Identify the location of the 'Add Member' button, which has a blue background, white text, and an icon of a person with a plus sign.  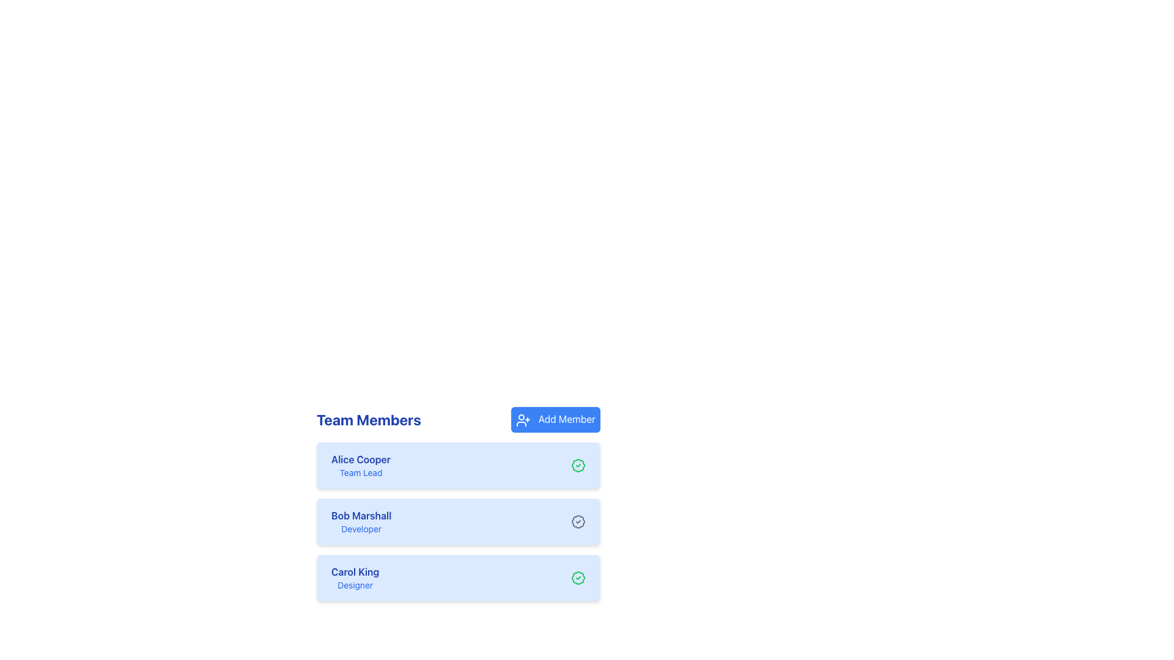
(555, 419).